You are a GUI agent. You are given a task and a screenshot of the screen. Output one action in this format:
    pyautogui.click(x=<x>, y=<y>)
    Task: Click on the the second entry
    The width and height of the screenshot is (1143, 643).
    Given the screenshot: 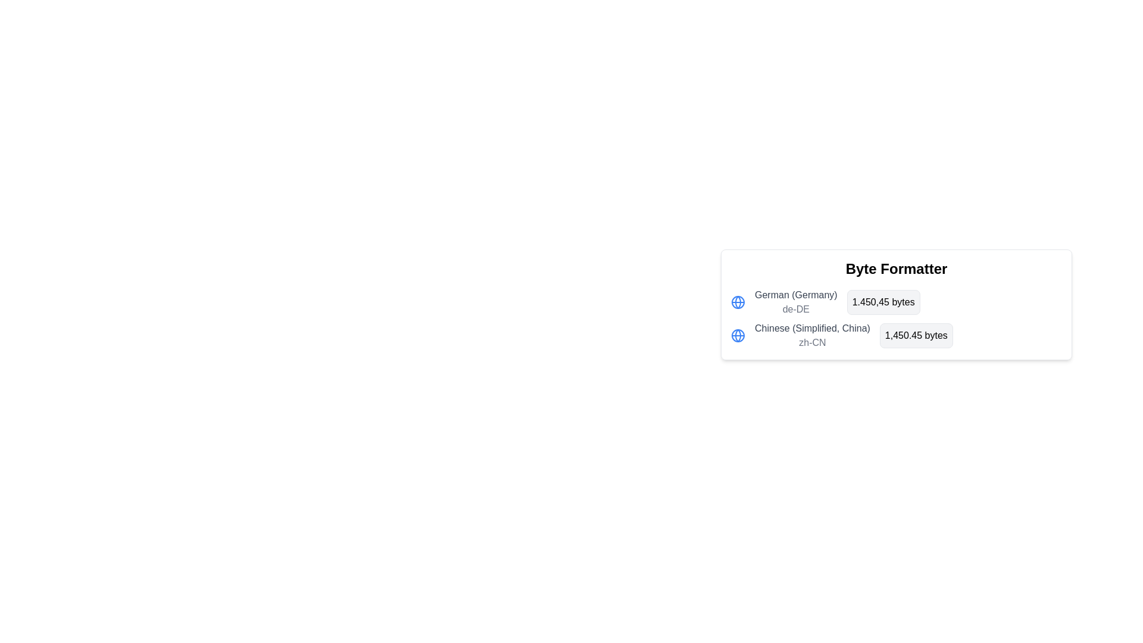 What is the action you would take?
    pyautogui.click(x=897, y=335)
    